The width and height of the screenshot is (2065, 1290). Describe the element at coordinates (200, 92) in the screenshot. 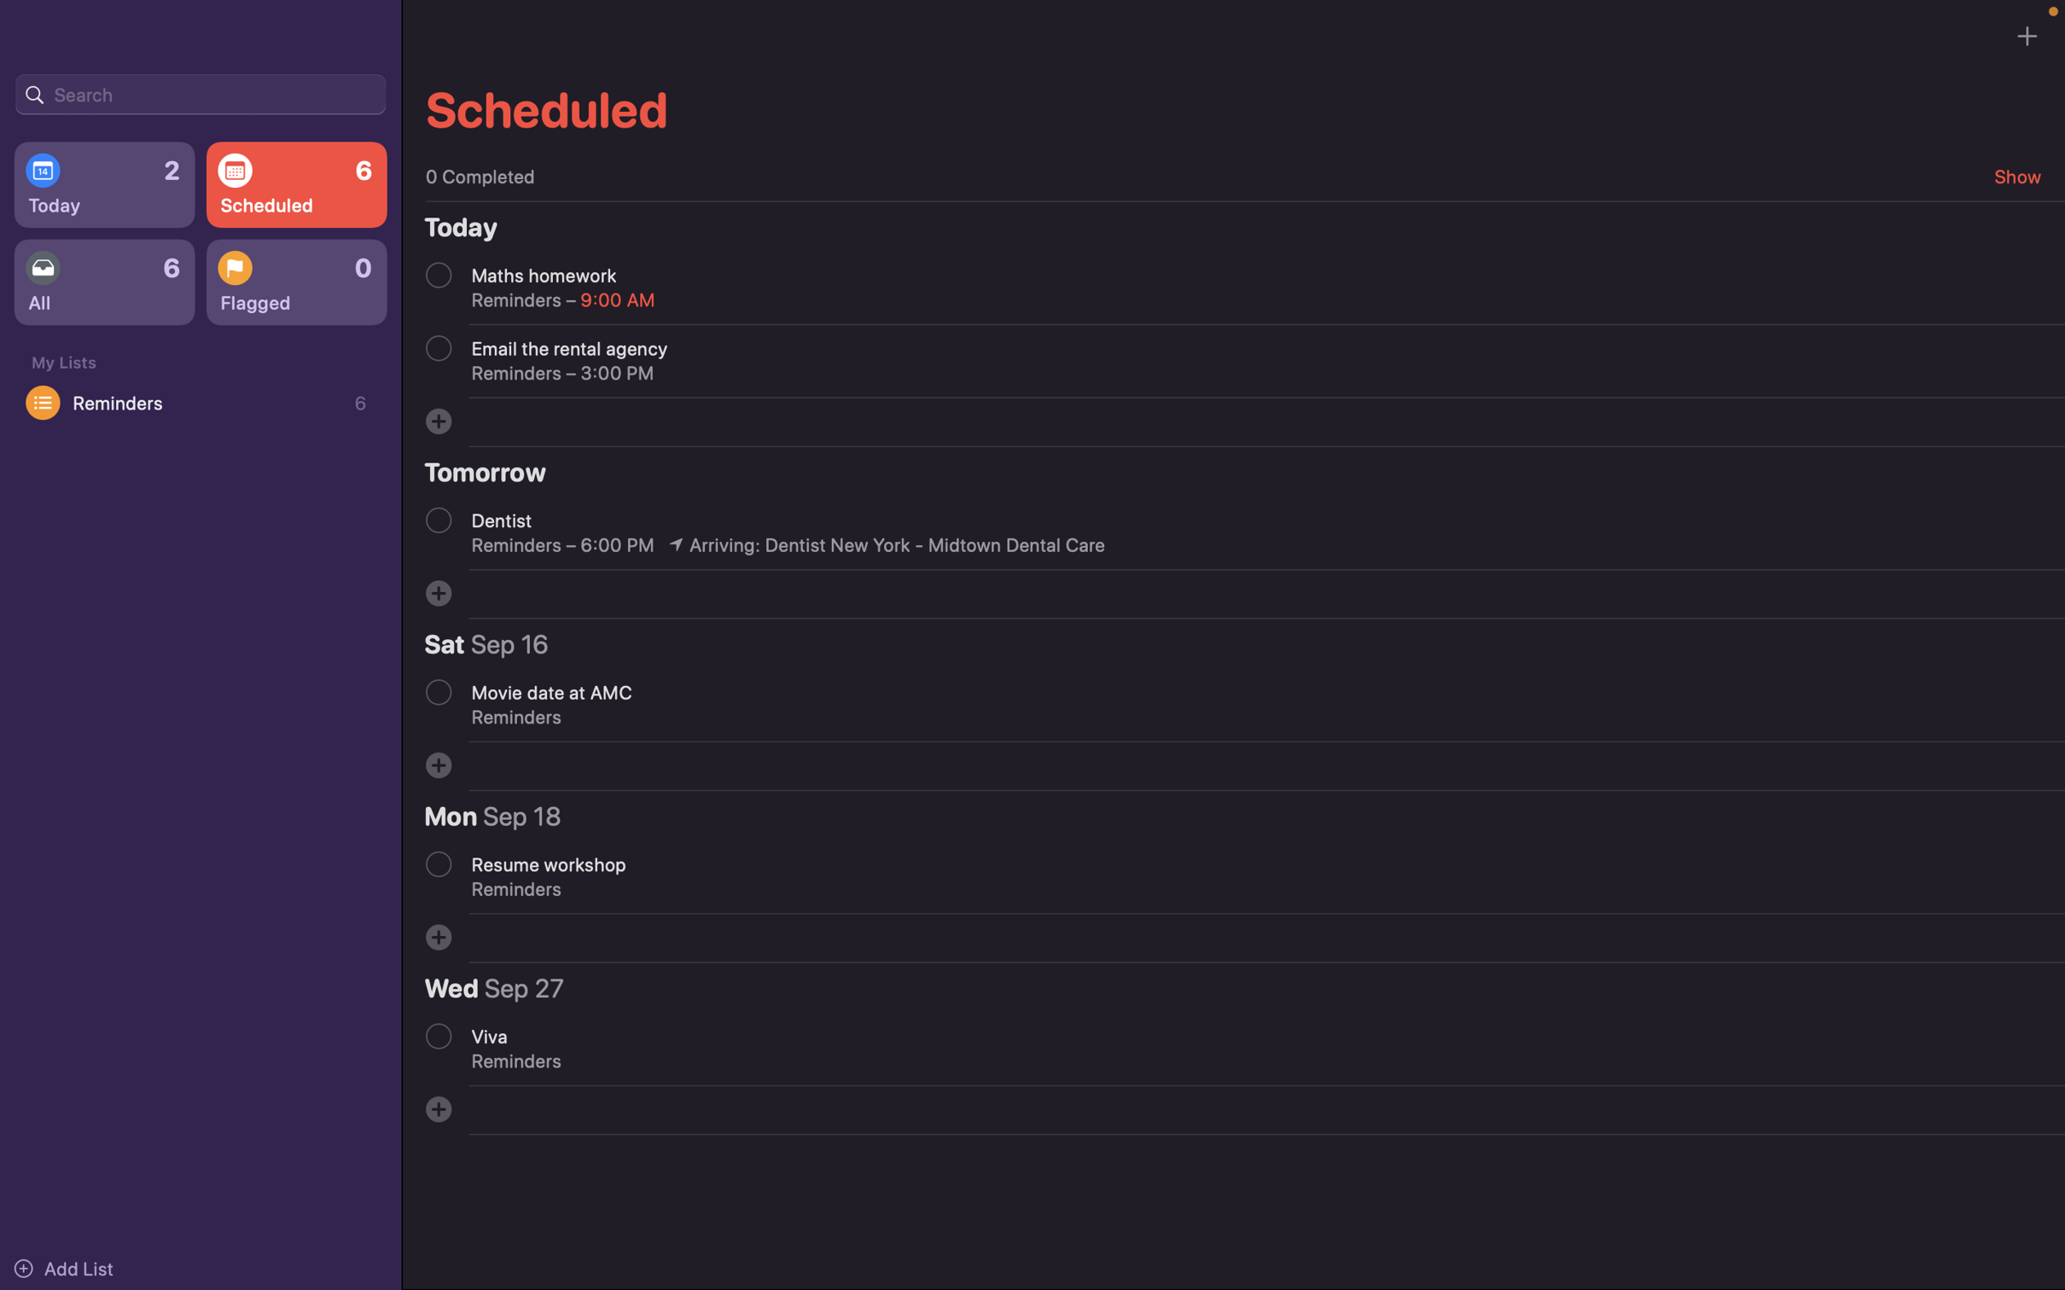

I see `View all the events for the year 2022` at that location.